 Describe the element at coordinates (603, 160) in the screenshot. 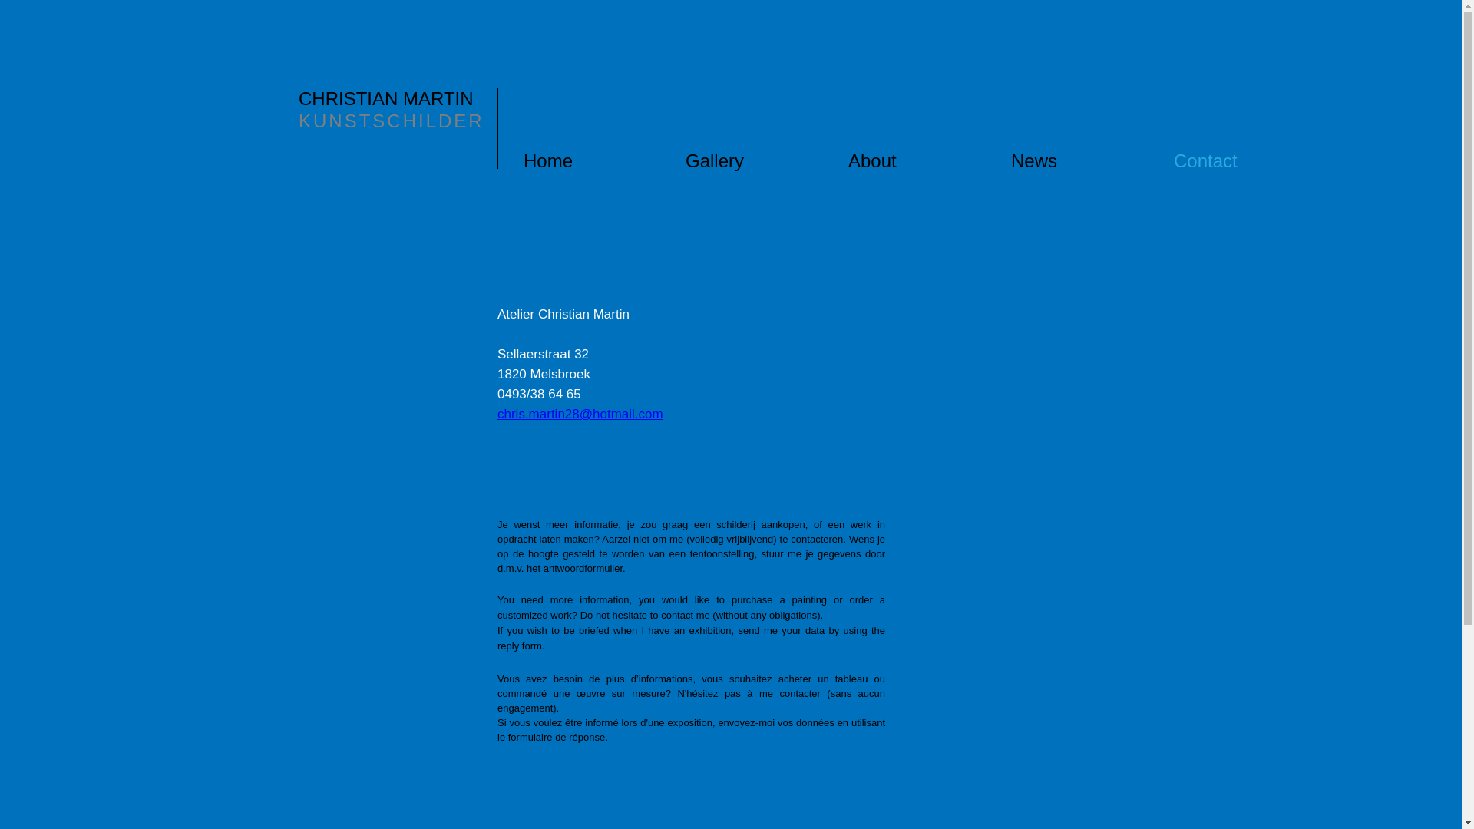

I see `'Home'` at that location.